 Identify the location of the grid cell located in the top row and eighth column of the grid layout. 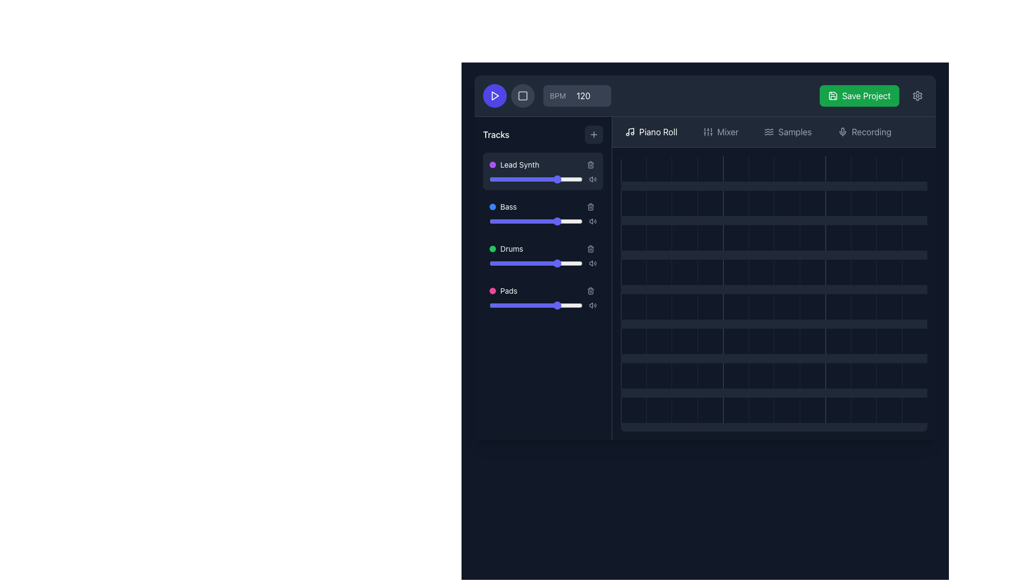
(812, 169).